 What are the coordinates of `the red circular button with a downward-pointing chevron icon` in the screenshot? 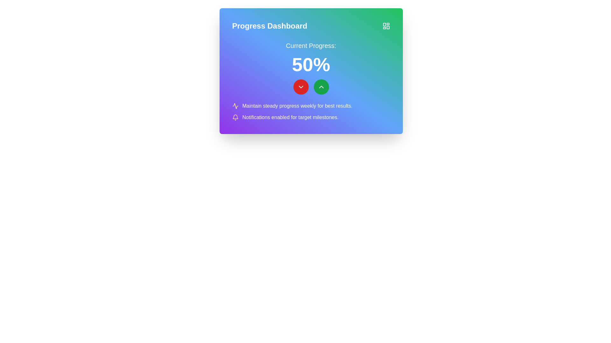 It's located at (300, 87).